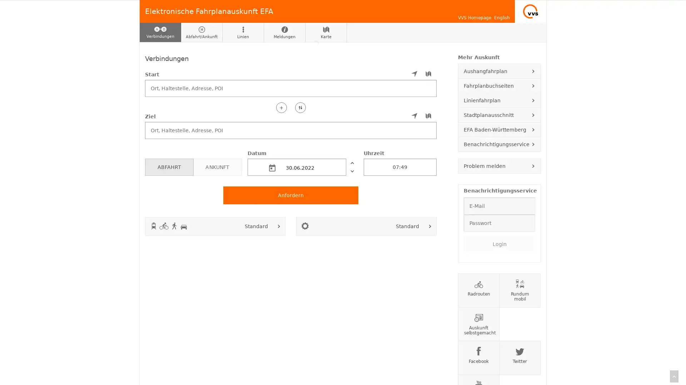 Image resolution: width=686 pixels, height=385 pixels. I want to click on md-calendar, so click(272, 168).